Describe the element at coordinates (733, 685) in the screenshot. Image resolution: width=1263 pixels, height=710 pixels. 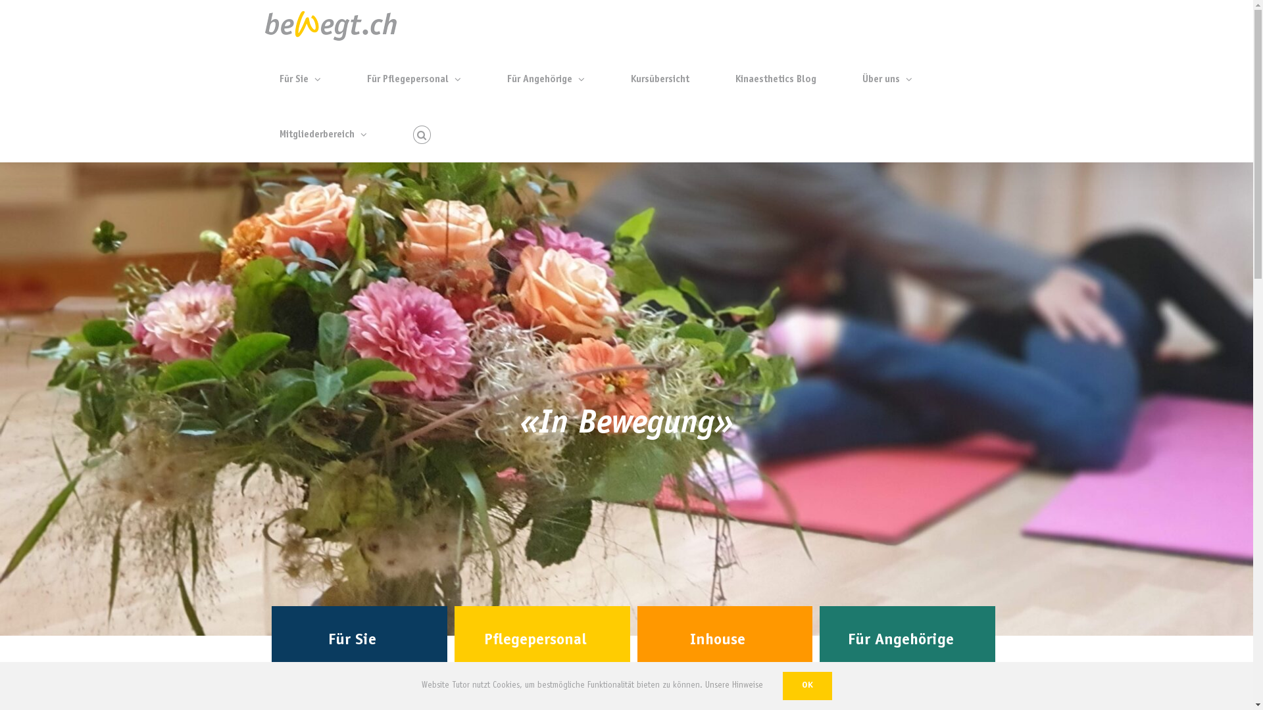
I see `'Unsere Hinweise'` at that location.